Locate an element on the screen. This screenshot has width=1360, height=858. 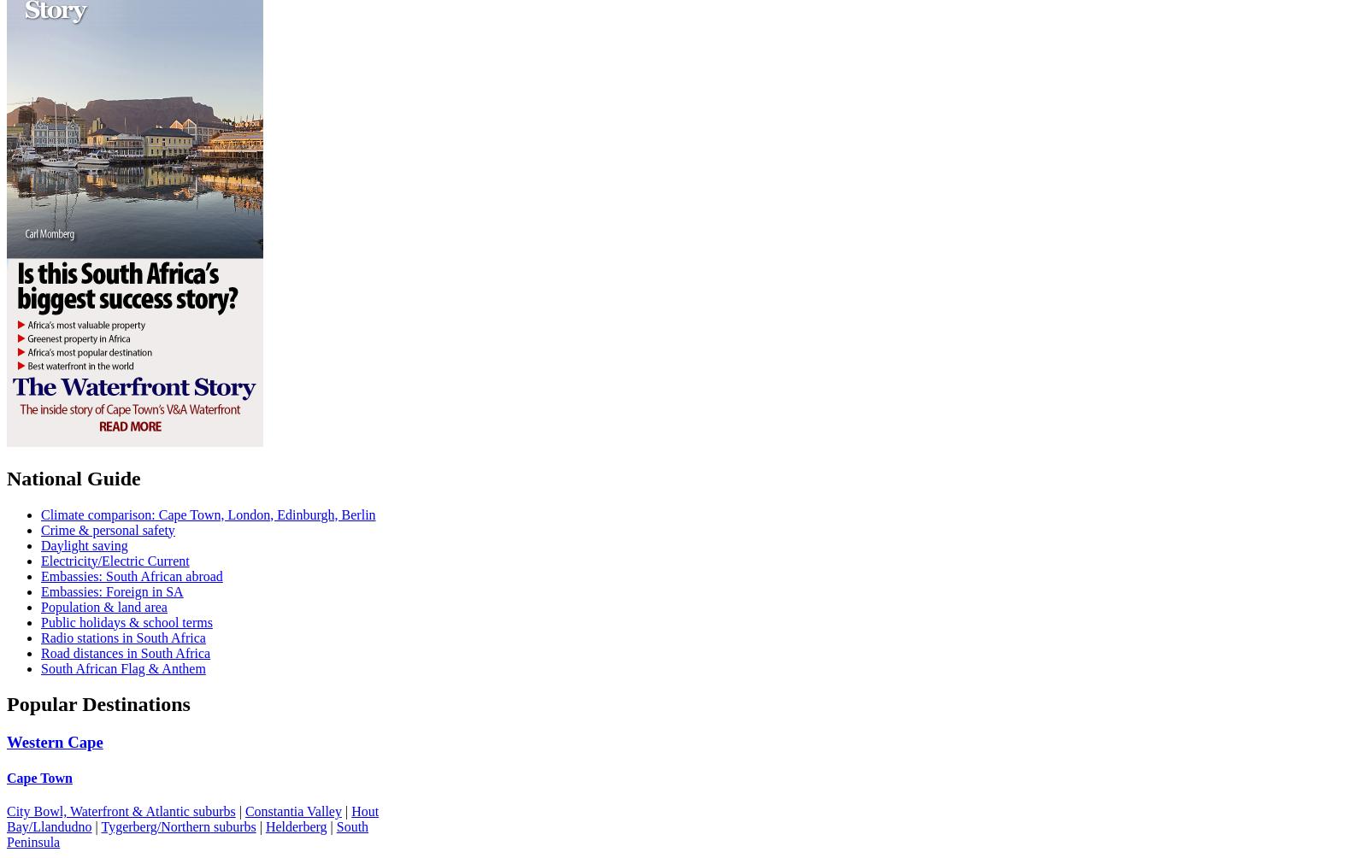
'South African Flag & Anthem' is located at coordinates (41, 667).